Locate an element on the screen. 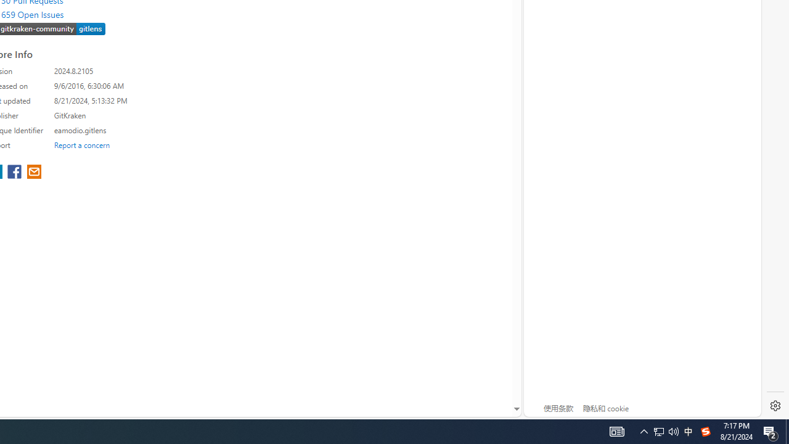  'Tray Input Indicator - Chinese (Simplified, China)' is located at coordinates (705, 430).